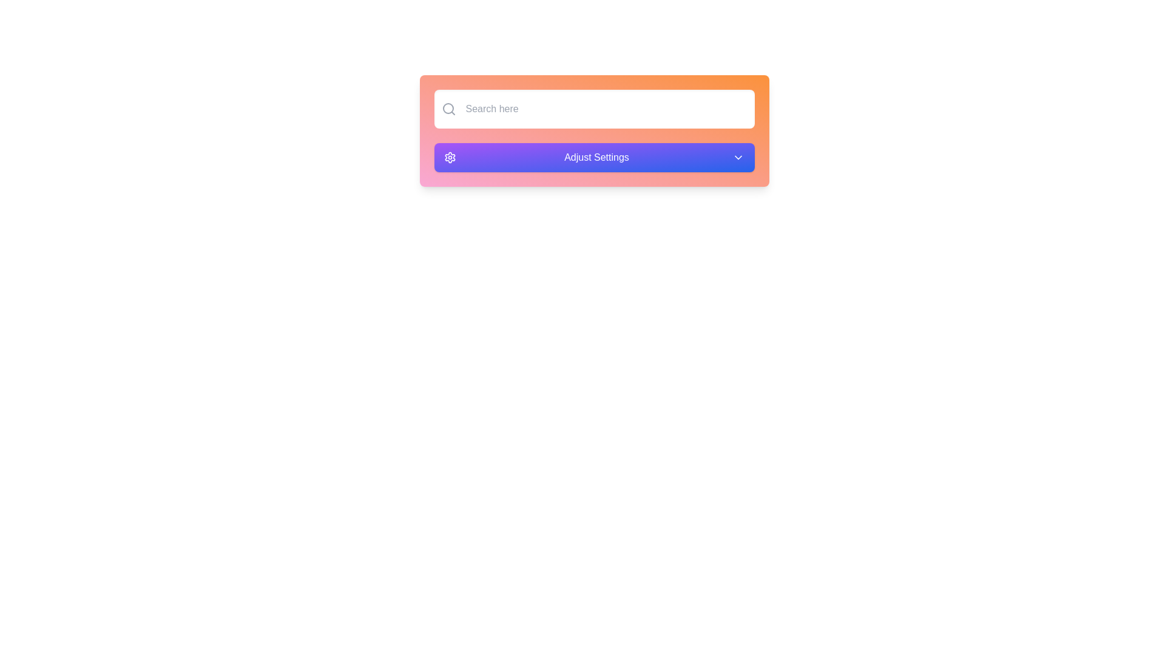  Describe the element at coordinates (738, 156) in the screenshot. I see `the chevron icon located on the right-hand side of the 'Adjust Settings' button` at that location.